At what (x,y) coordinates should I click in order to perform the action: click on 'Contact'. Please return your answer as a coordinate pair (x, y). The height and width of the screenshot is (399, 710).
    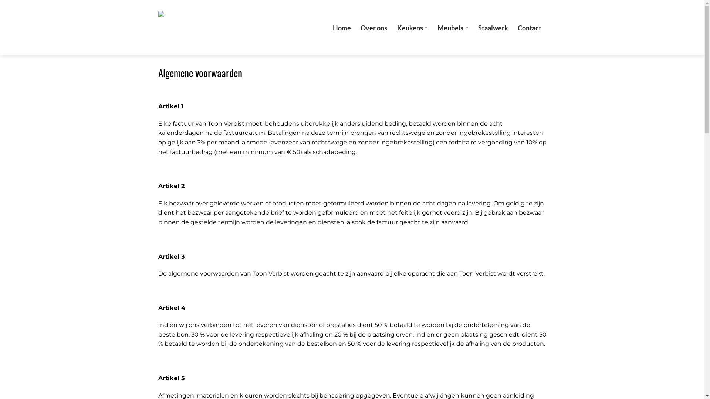
    Looking at the image, I should click on (529, 27).